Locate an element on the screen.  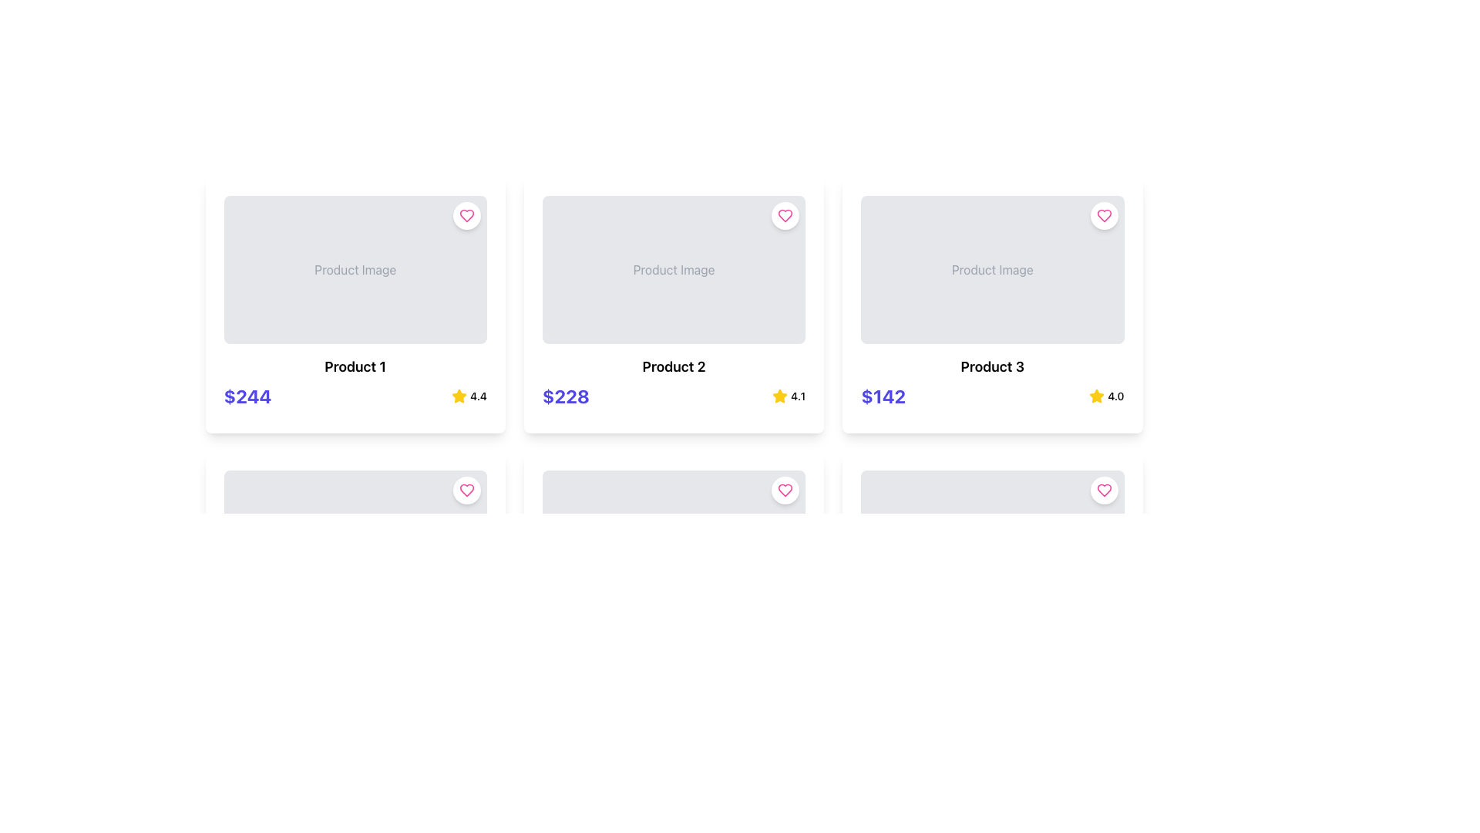
text content of the price label displaying '$228', which is styled in bold indigo blue and positioned in the lower-left quadrant of the 'Product 2' card, directly below the product image and title is located at coordinates (565, 395).